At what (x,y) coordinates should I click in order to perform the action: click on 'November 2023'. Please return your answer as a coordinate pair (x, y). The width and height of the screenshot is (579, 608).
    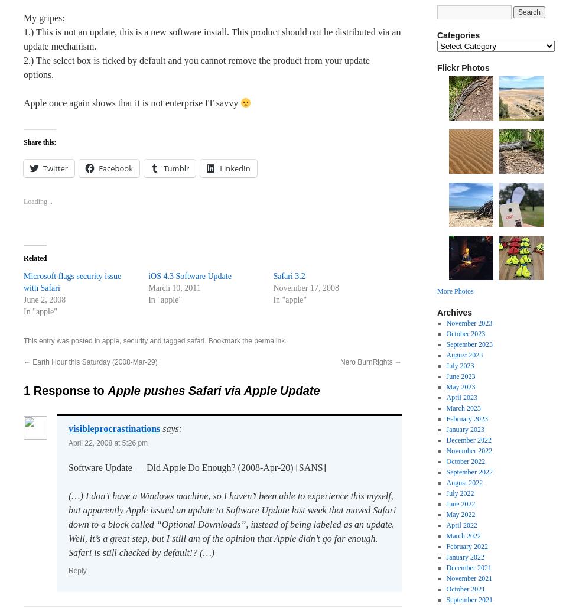
    Looking at the image, I should click on (469, 323).